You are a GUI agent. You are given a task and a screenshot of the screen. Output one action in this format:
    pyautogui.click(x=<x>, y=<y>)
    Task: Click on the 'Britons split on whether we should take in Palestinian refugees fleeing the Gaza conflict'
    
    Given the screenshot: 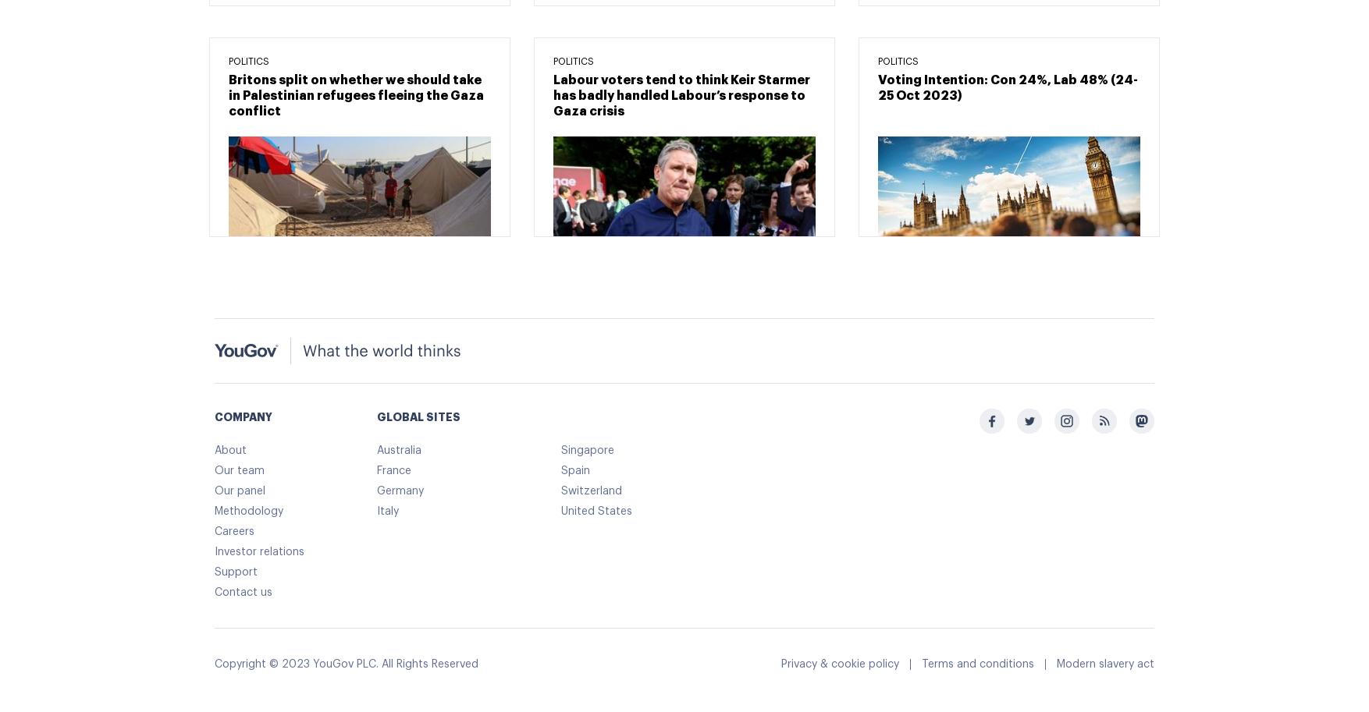 What is the action you would take?
    pyautogui.click(x=355, y=94)
    